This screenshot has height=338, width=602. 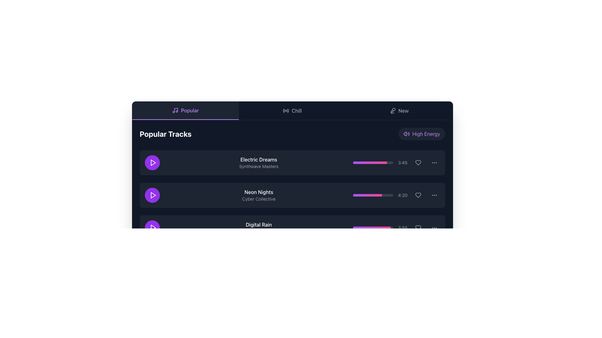 I want to click on the text displaying '4:20', which is located in the lower right corner of the interface segment for track information, adjacent to a progress bar and icons, so click(x=403, y=195).